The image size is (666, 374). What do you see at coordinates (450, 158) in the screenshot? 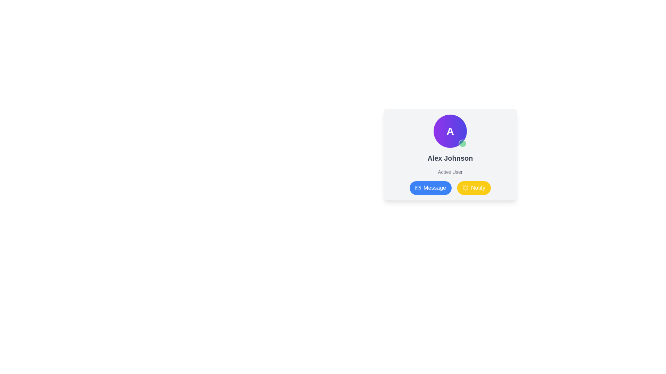
I see `the text label displaying 'Alex Johnson' in bold, located below the circular icon 'A' with a green indicator and above 'Active User'` at bounding box center [450, 158].